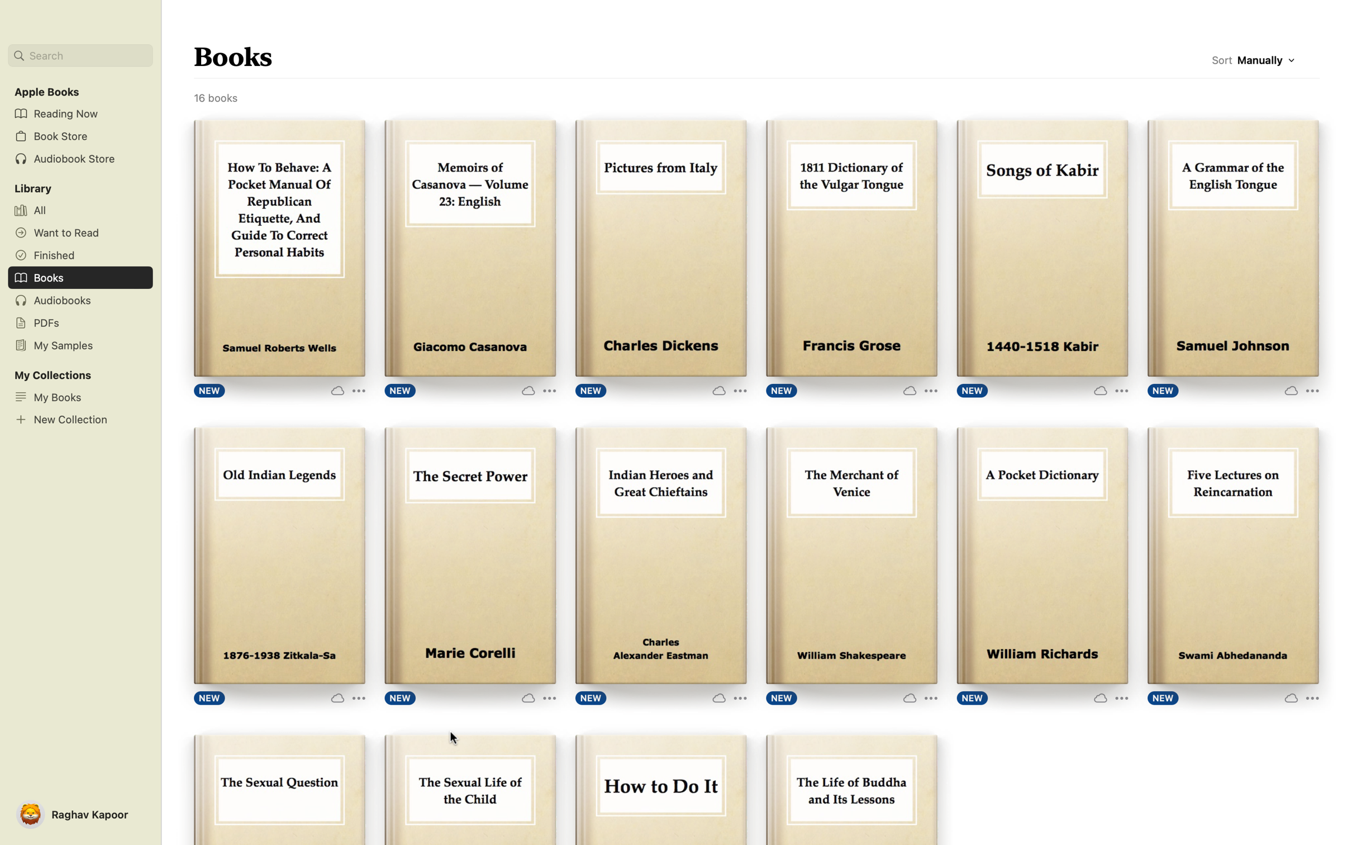 This screenshot has width=1352, height=845. What do you see at coordinates (2545816, 967525) in the screenshot?
I see `Scroll down to see more books in the collection` at bounding box center [2545816, 967525].